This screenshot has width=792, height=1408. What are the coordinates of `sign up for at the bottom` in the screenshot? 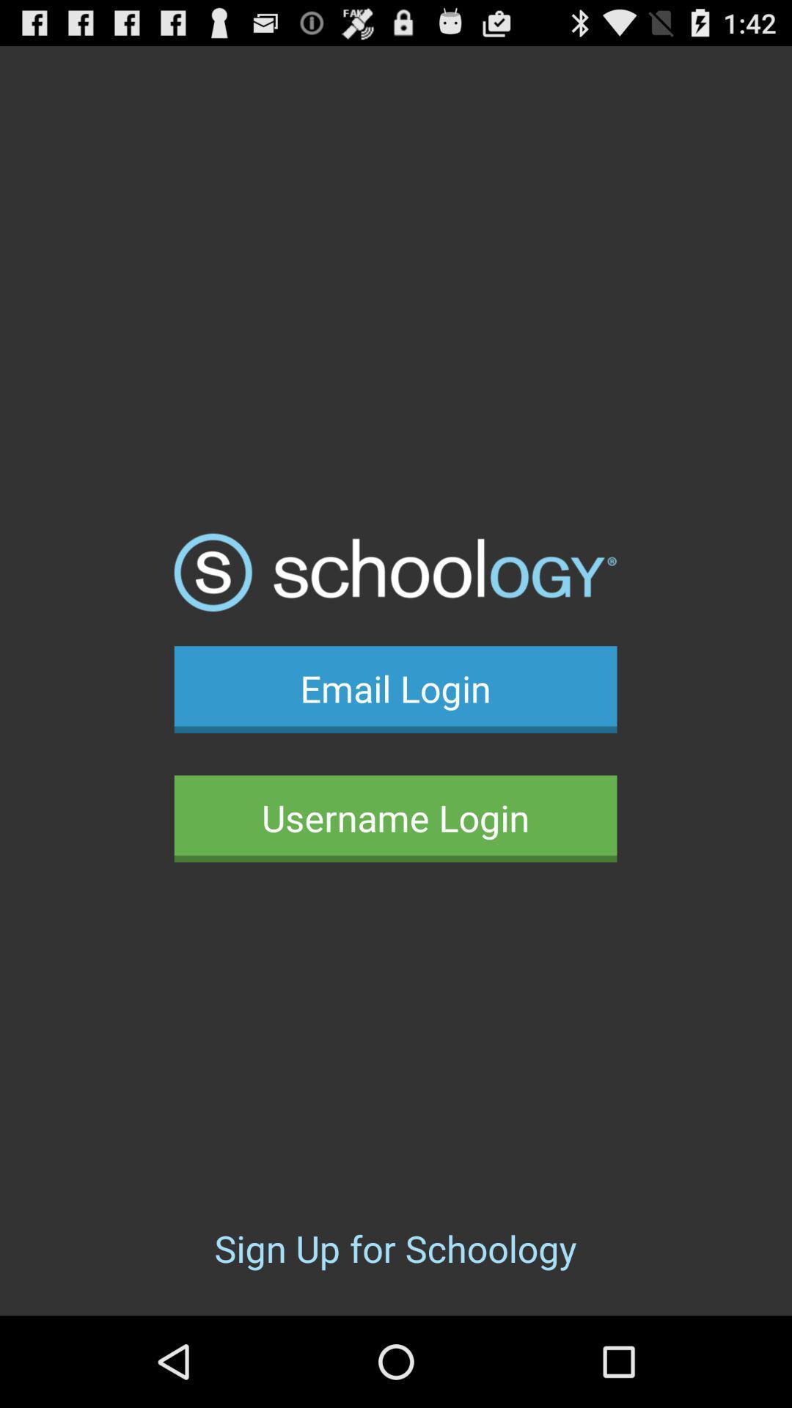 It's located at (395, 1247).